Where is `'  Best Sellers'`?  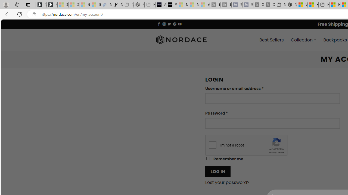
'  Best Sellers' is located at coordinates (272, 39).